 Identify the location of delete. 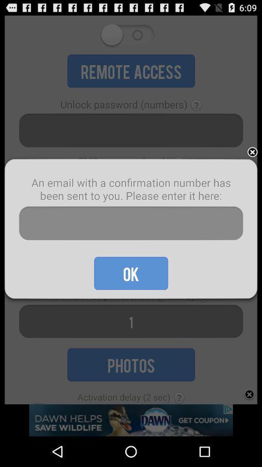
(252, 152).